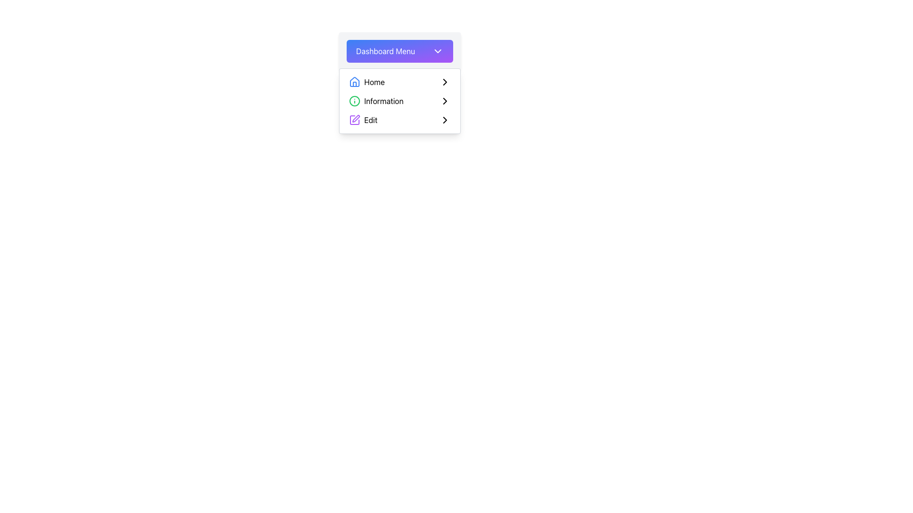 The image size is (913, 513). Describe the element at coordinates (355, 118) in the screenshot. I see `the purple-colored pen icon located next to the 'Edit' option in the dropdown menu, which depicts the lower segment of the pen` at that location.